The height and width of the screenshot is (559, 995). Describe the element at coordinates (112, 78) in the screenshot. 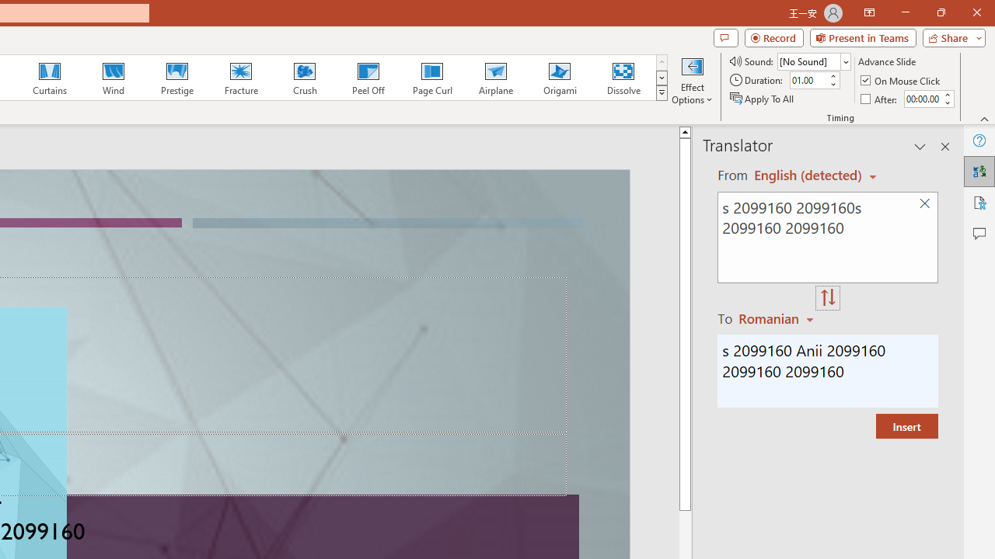

I see `'Wind'` at that location.